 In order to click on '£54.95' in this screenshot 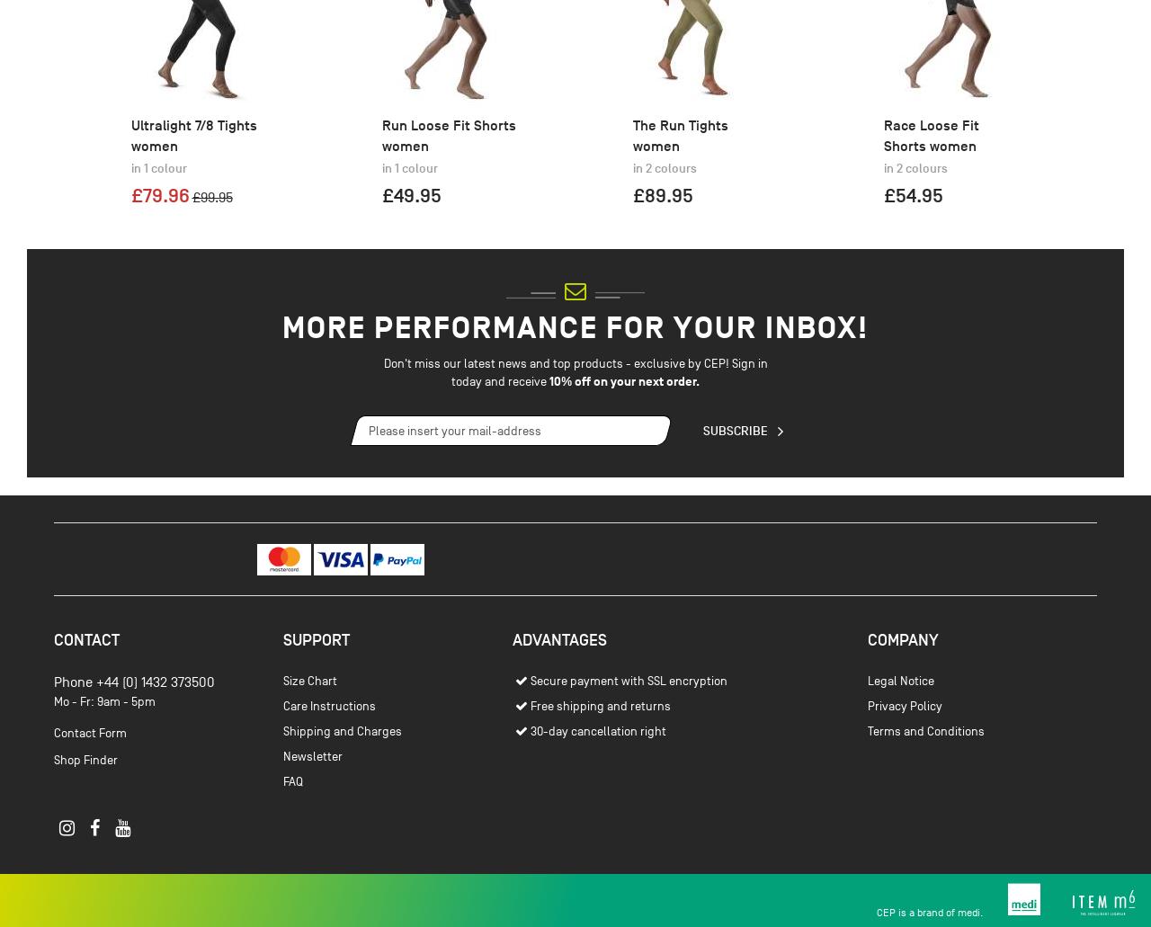, I will do `click(913, 290)`.